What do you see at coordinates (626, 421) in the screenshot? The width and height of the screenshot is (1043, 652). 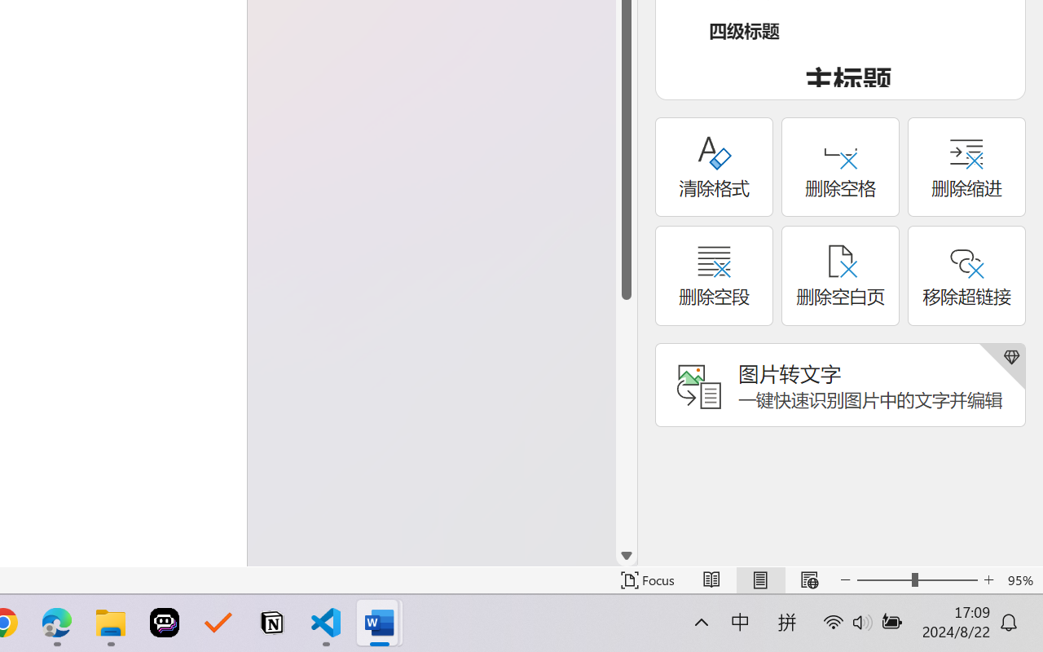 I see `'Page down'` at bounding box center [626, 421].